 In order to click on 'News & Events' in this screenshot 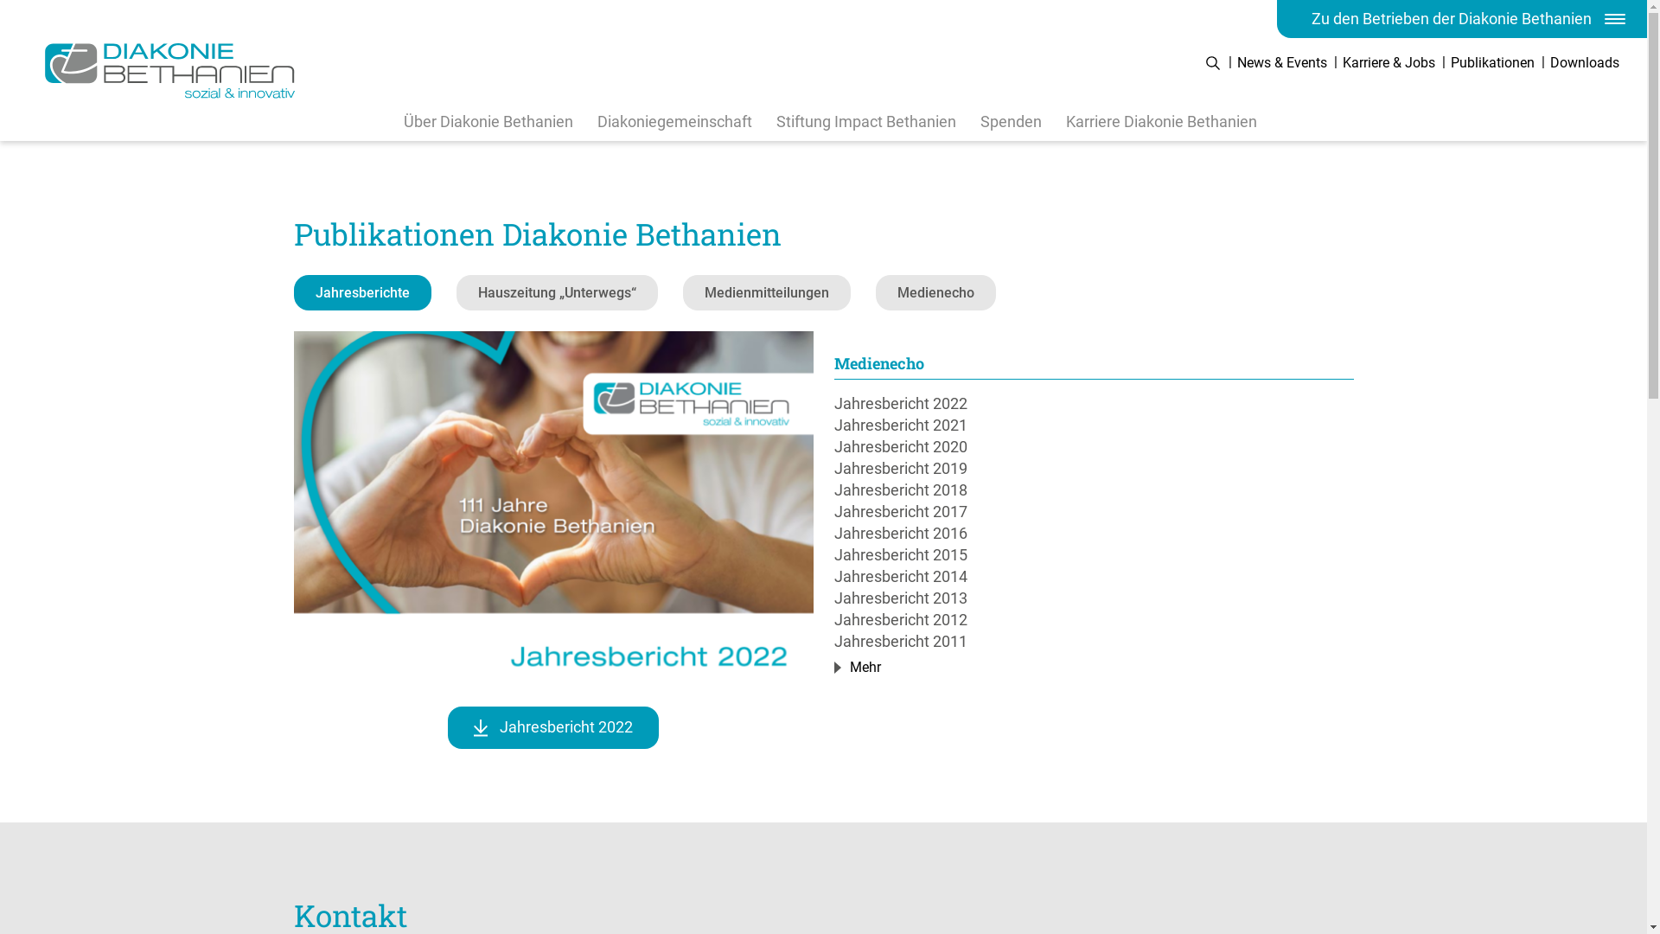, I will do `click(1282, 61)`.